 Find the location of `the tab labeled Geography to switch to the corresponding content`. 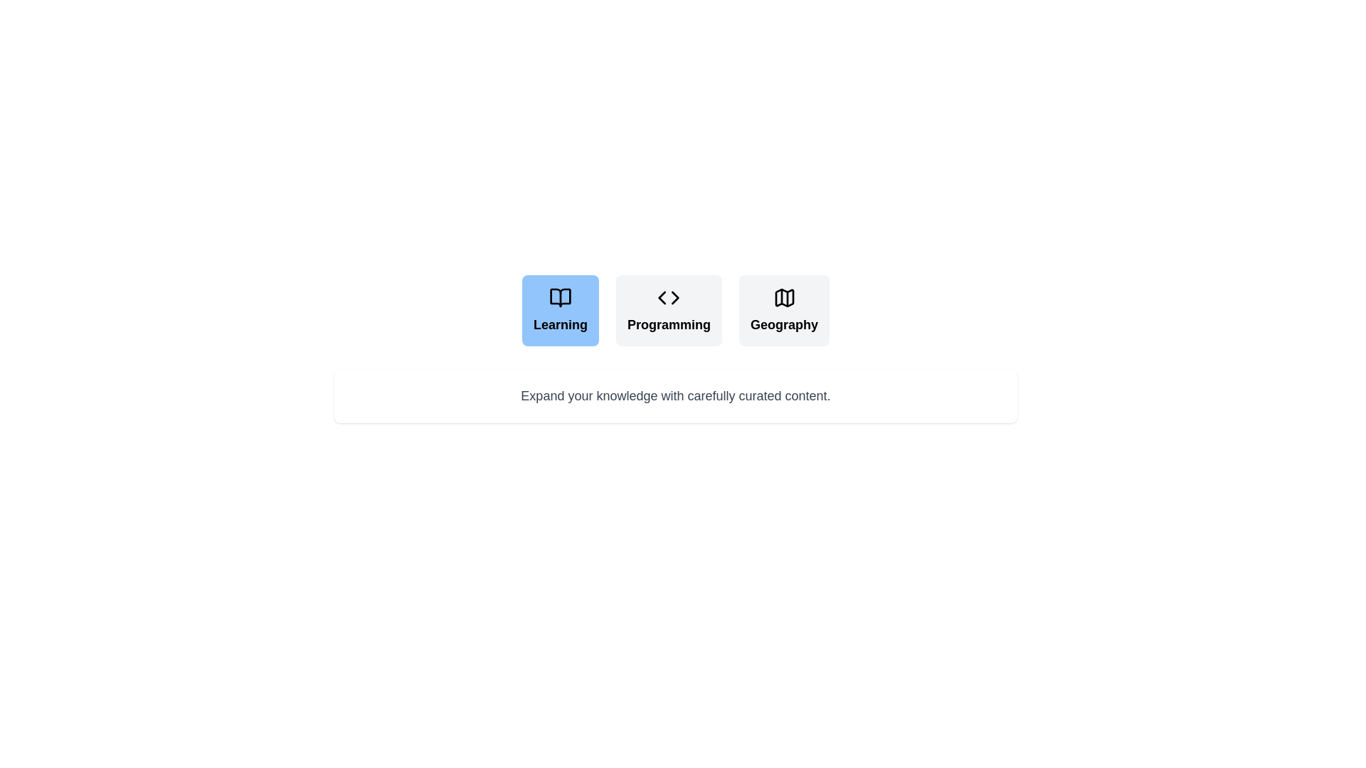

the tab labeled Geography to switch to the corresponding content is located at coordinates (783, 309).